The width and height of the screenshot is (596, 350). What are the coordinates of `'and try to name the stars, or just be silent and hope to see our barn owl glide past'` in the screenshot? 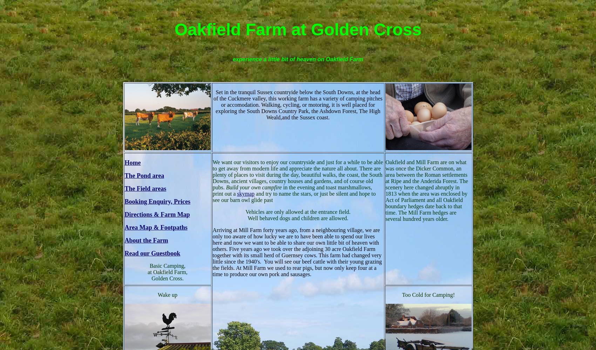 It's located at (293, 196).